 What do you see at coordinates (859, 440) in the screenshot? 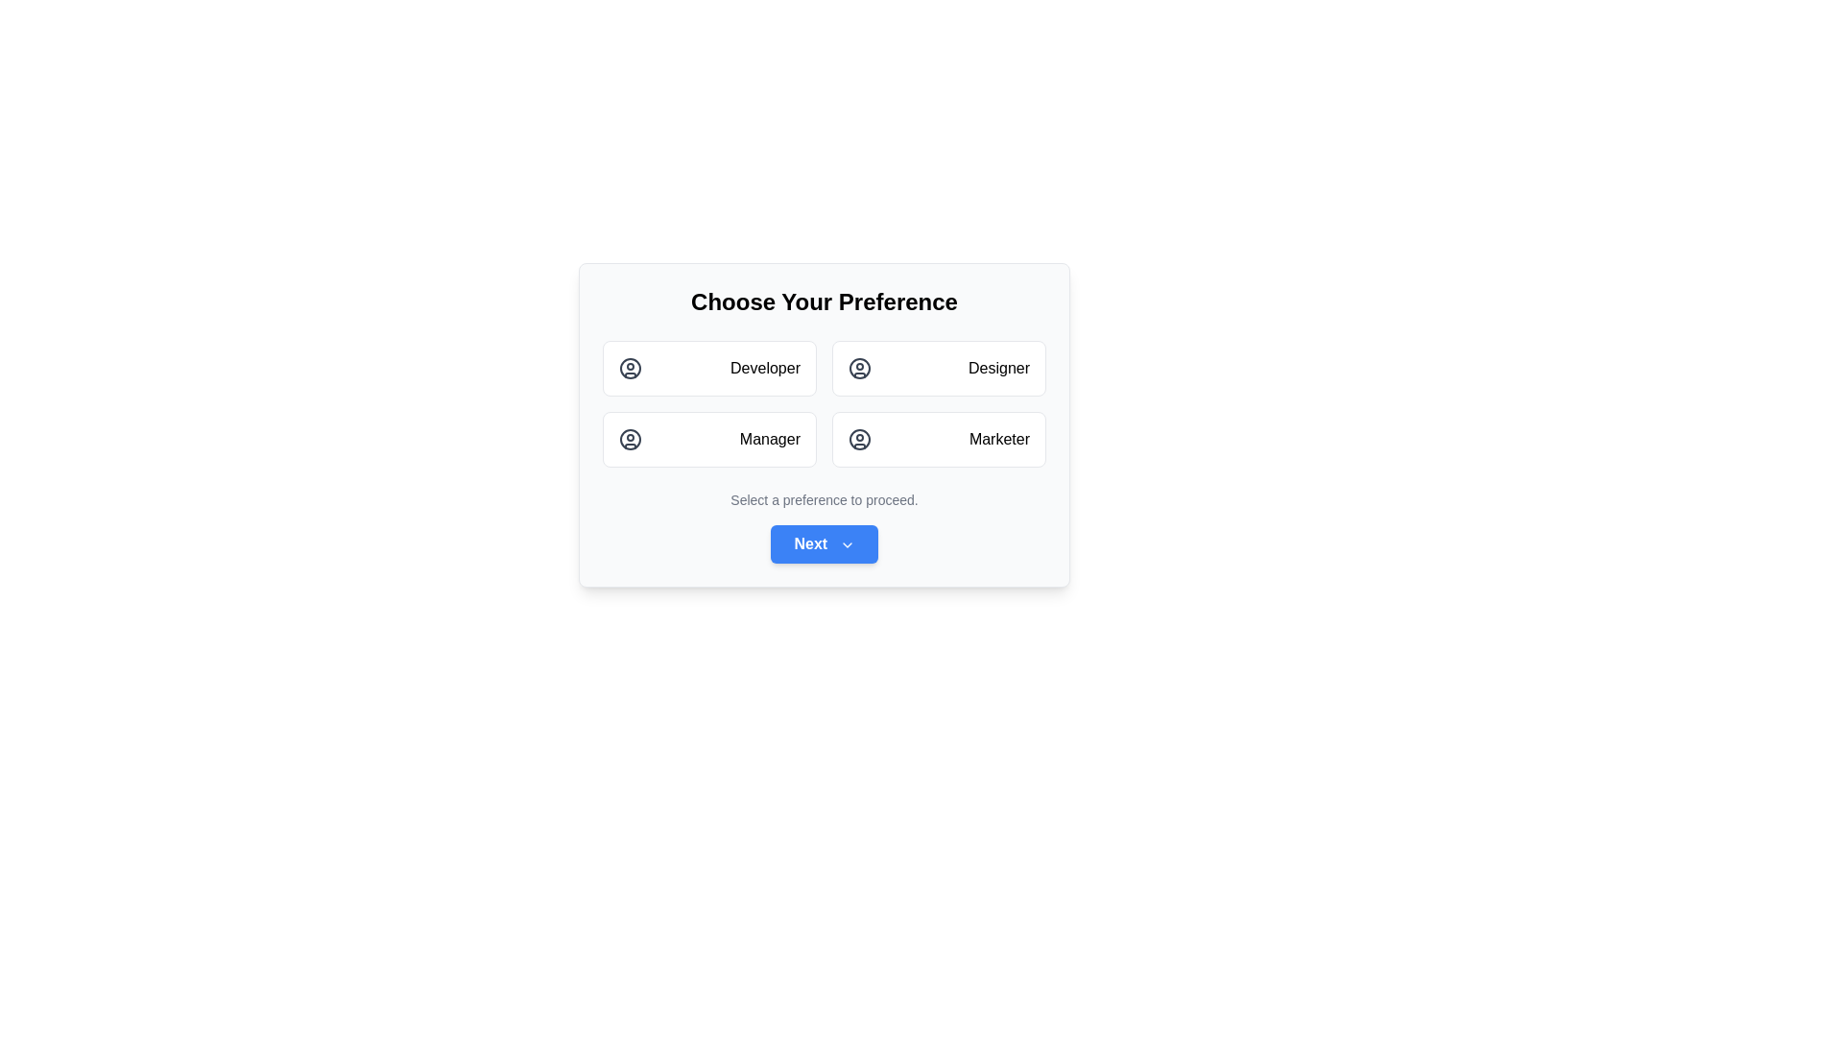
I see `the outermost circular icon in the 'Marketer' card of the 'Choose Your Preference' grid layout` at bounding box center [859, 440].